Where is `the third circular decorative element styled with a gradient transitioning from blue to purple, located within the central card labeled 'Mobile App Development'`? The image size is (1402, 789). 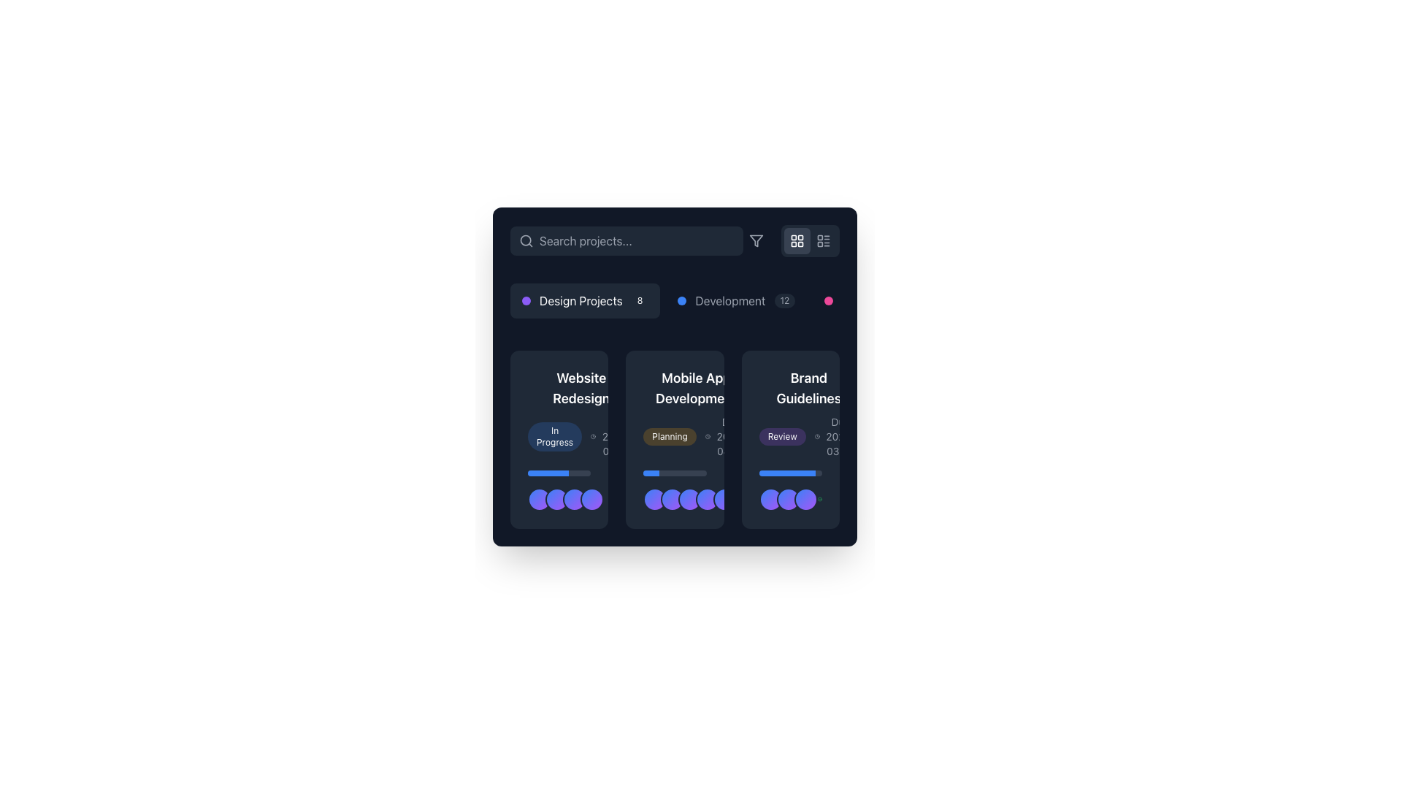 the third circular decorative element styled with a gradient transitioning from blue to purple, located within the central card labeled 'Mobile App Development' is located at coordinates (574, 498).